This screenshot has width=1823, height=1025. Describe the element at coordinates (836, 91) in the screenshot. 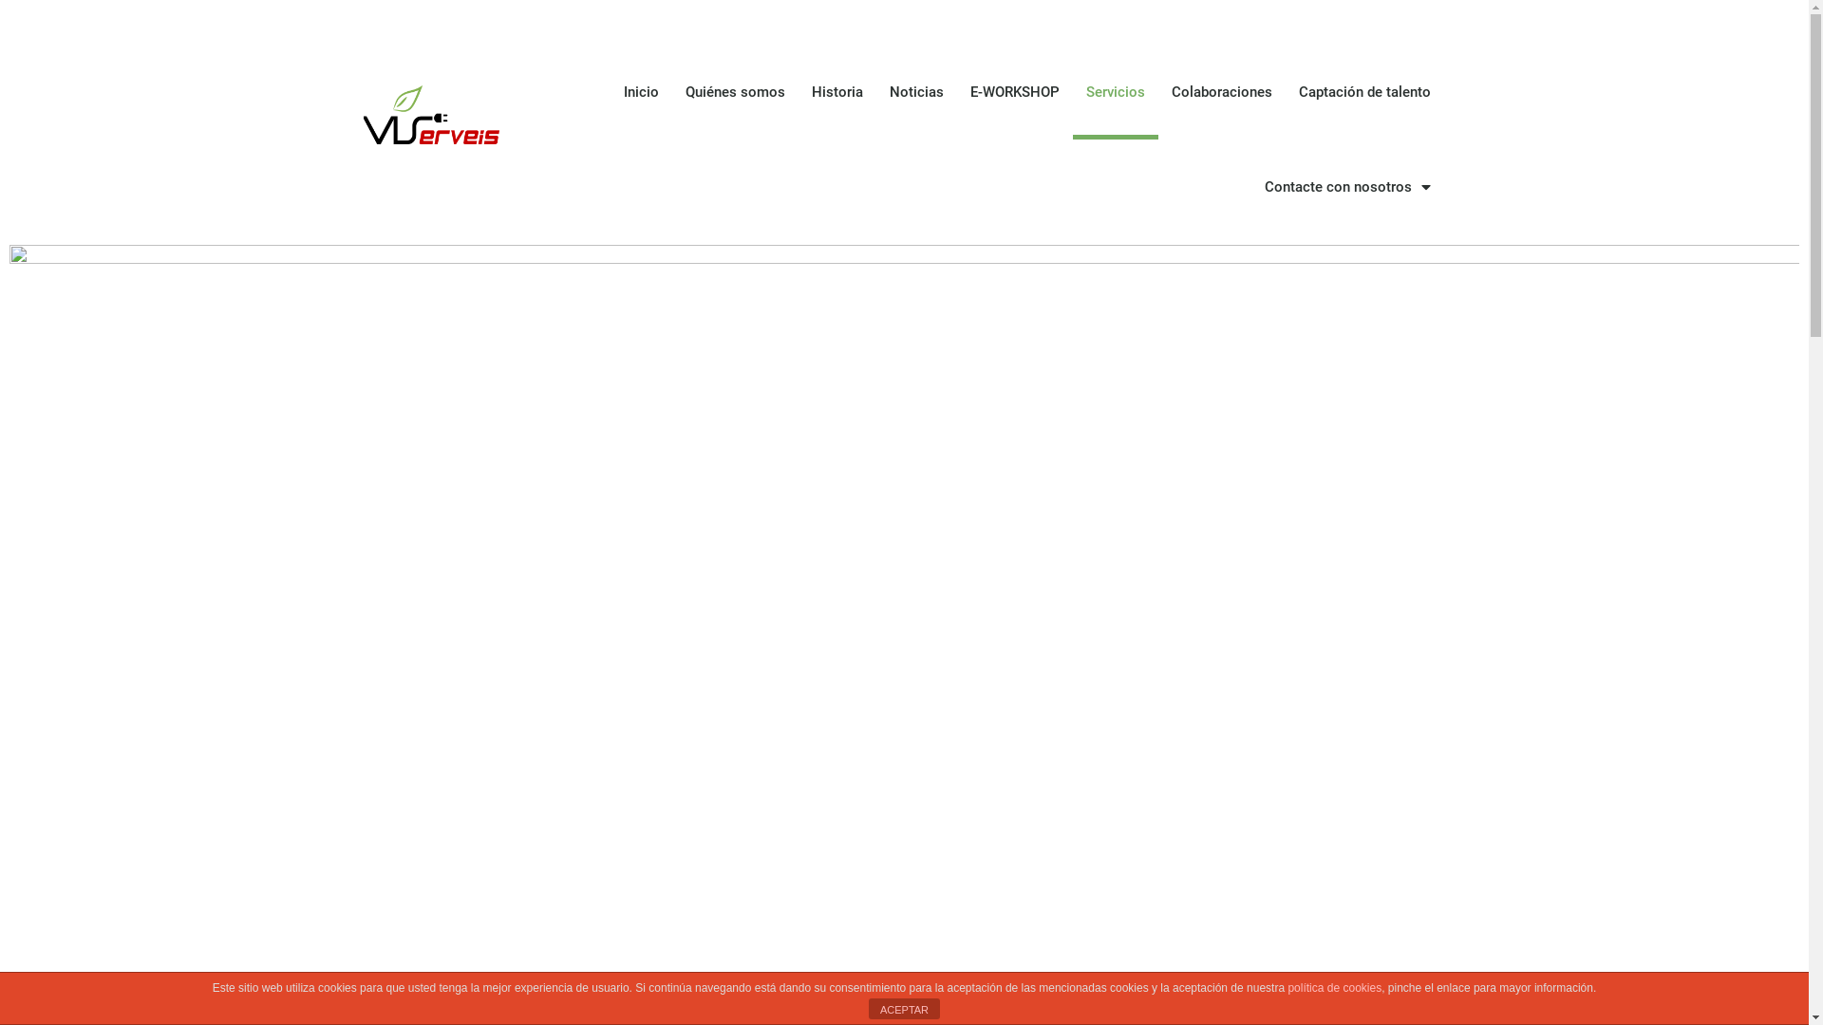

I see `'Historia'` at that location.